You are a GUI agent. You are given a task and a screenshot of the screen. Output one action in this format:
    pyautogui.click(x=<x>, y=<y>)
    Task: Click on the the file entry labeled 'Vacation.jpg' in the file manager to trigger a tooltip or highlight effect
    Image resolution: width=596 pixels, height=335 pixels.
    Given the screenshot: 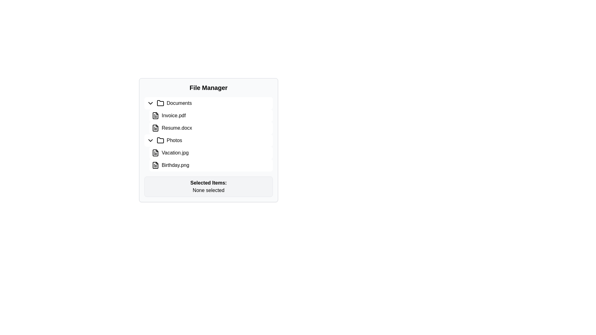 What is the action you would take?
    pyautogui.click(x=209, y=153)
    